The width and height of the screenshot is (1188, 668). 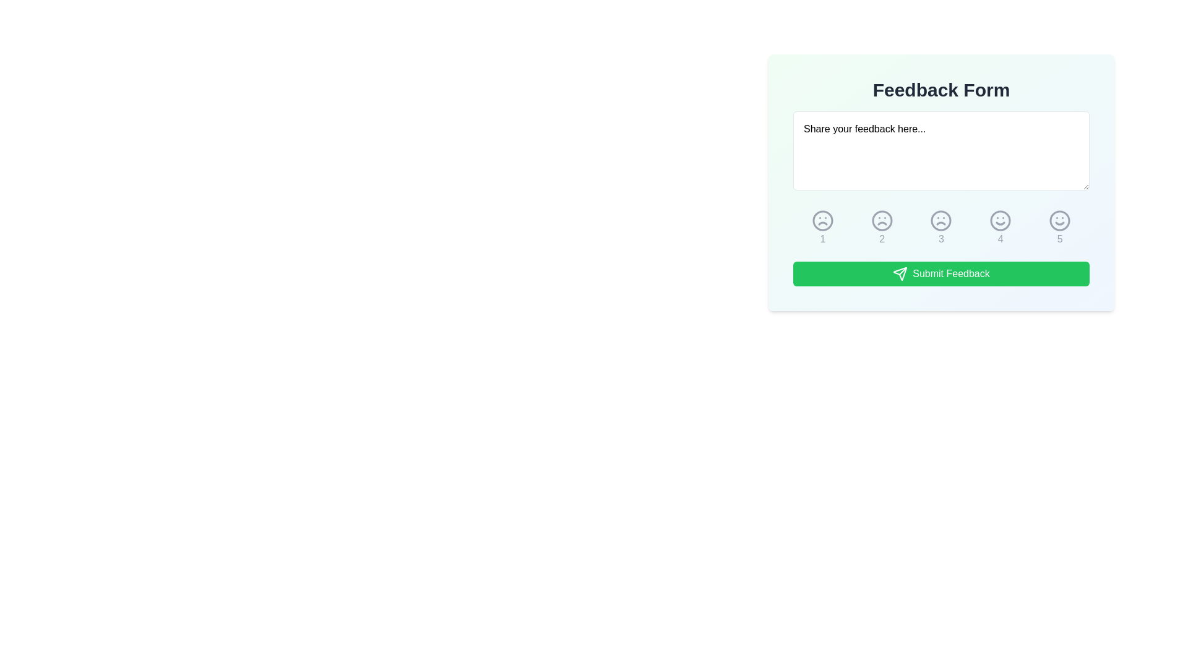 What do you see at coordinates (940, 90) in the screenshot?
I see `the bold, large-sized text reading 'Feedback Form' located at the top of the feedback form section, just above the input field labeled 'Share your feedback here...'` at bounding box center [940, 90].